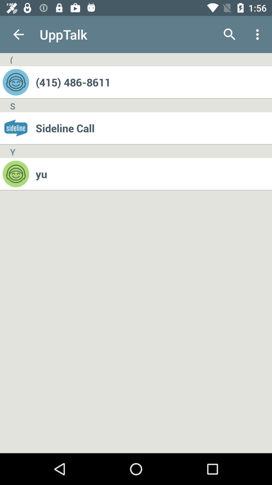  I want to click on the s item, so click(12, 105).